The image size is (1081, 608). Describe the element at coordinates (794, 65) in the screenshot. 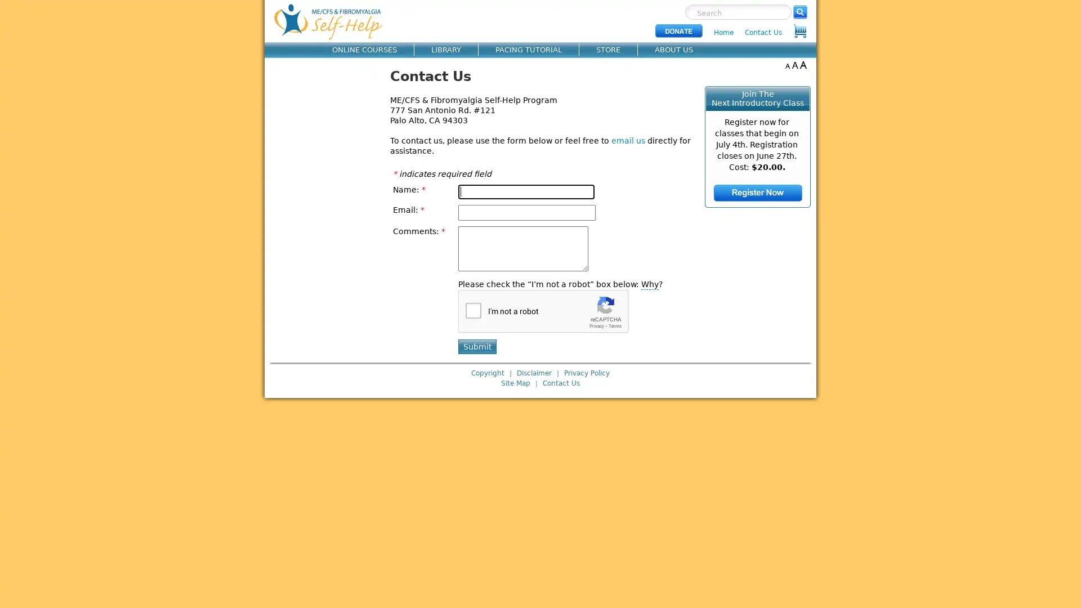

I see `A` at that location.